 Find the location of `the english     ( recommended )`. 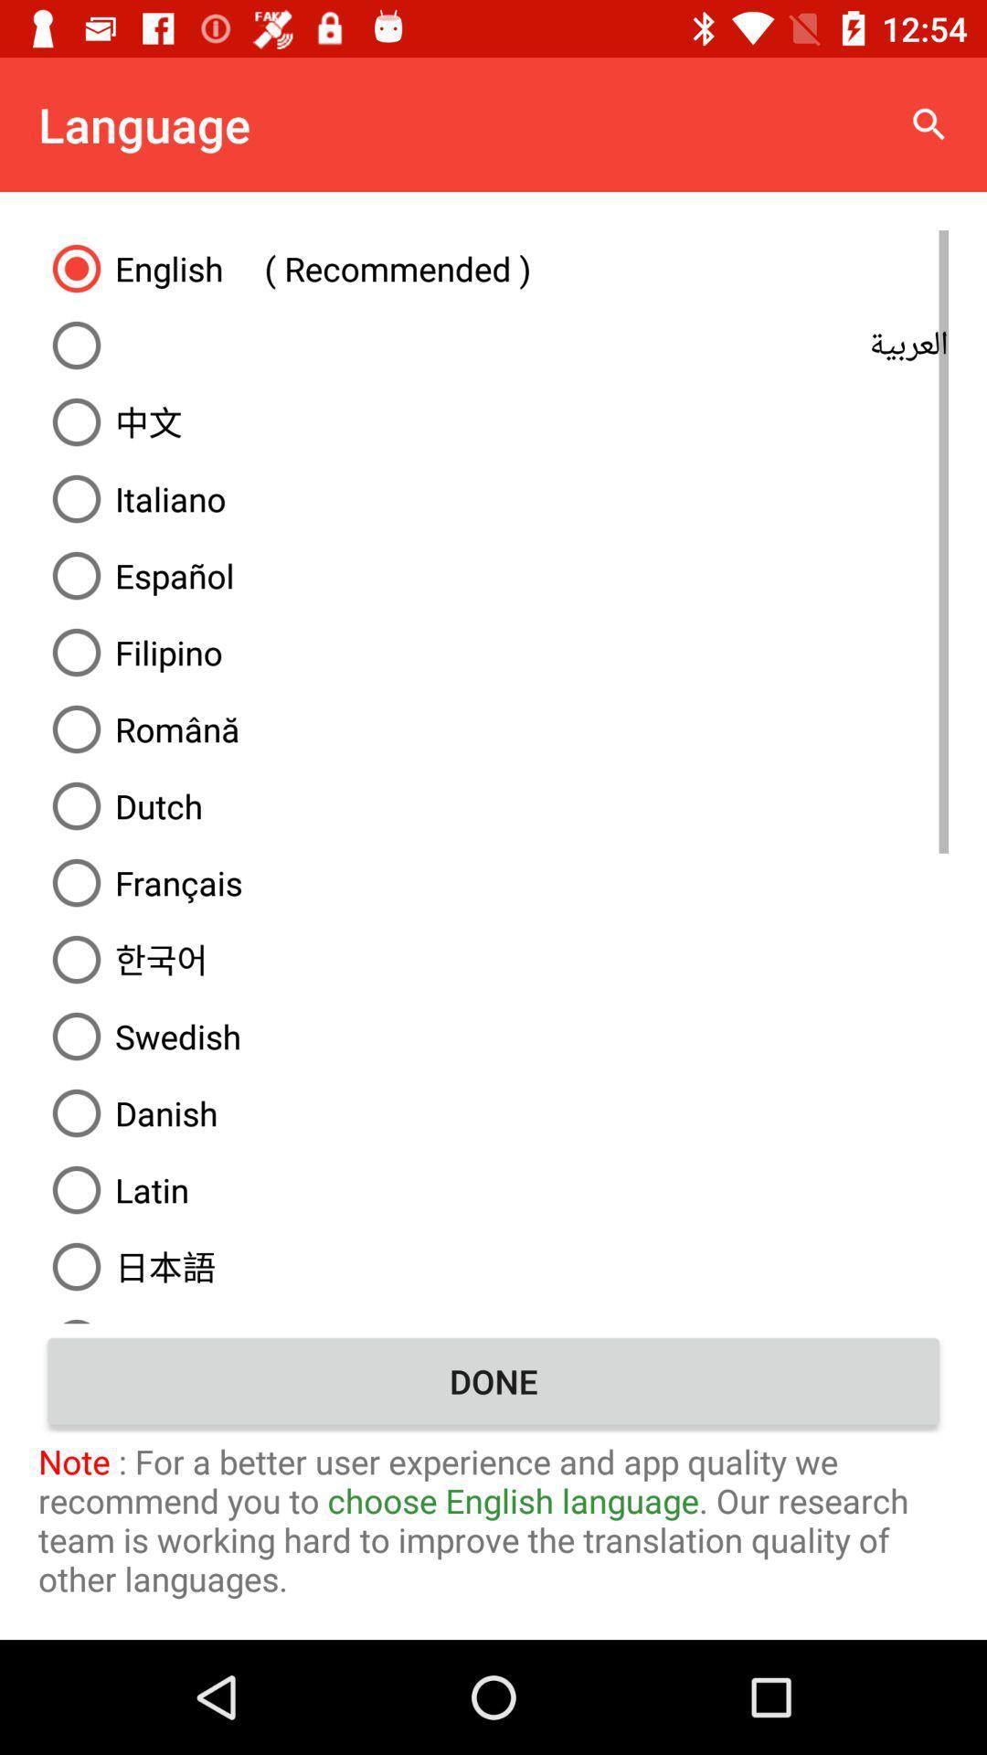

the english     ( recommended ) is located at coordinates (493, 267).